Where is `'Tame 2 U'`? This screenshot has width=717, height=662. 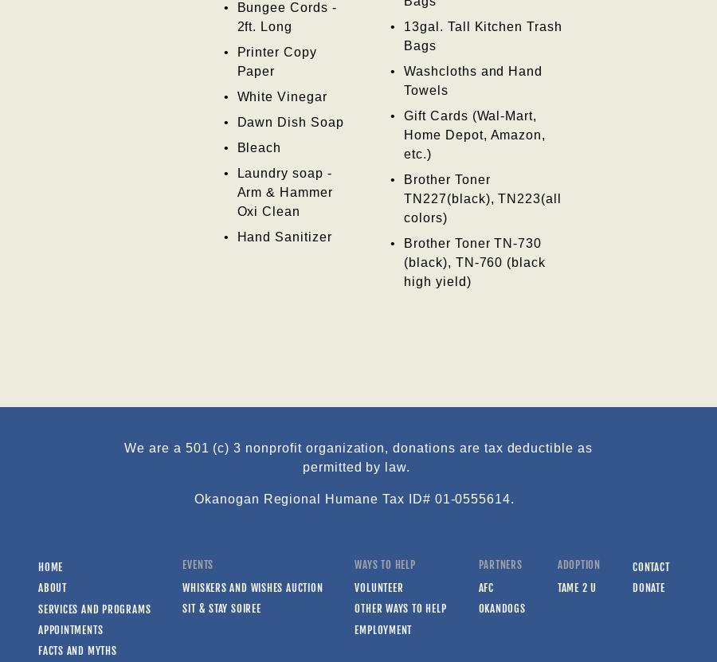
'Tame 2 U' is located at coordinates (575, 587).